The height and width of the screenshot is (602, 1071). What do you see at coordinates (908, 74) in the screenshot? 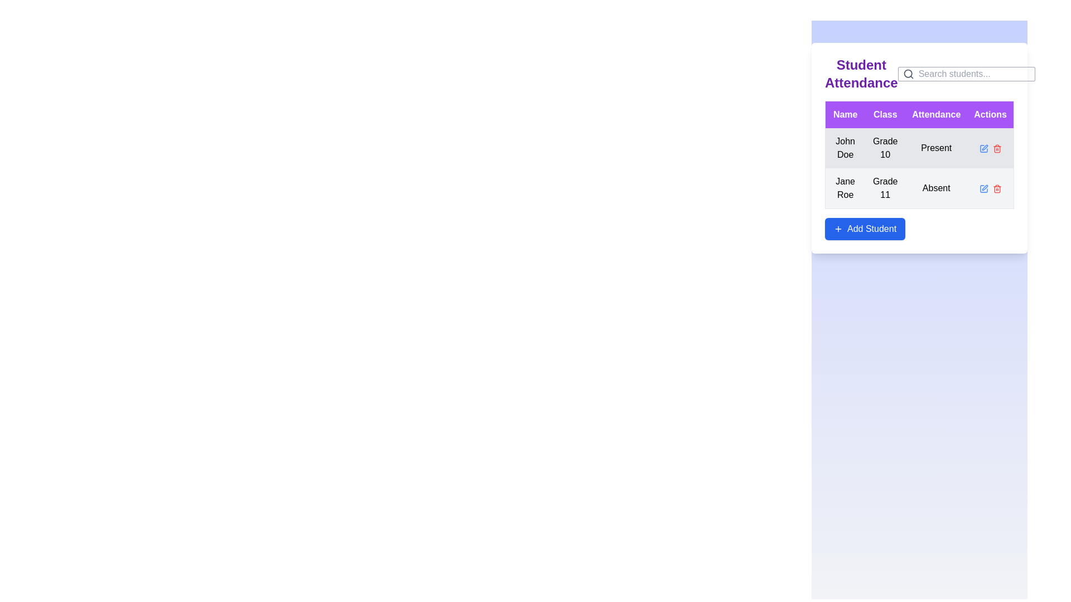
I see `the graphical circle that is part of the search or magnifying glass icon located centrally within the search bar at the top section of the application card` at bounding box center [908, 74].